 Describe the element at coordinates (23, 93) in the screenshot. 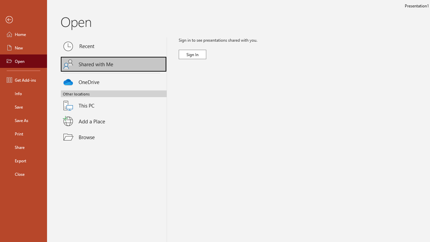

I see `'Info'` at that location.